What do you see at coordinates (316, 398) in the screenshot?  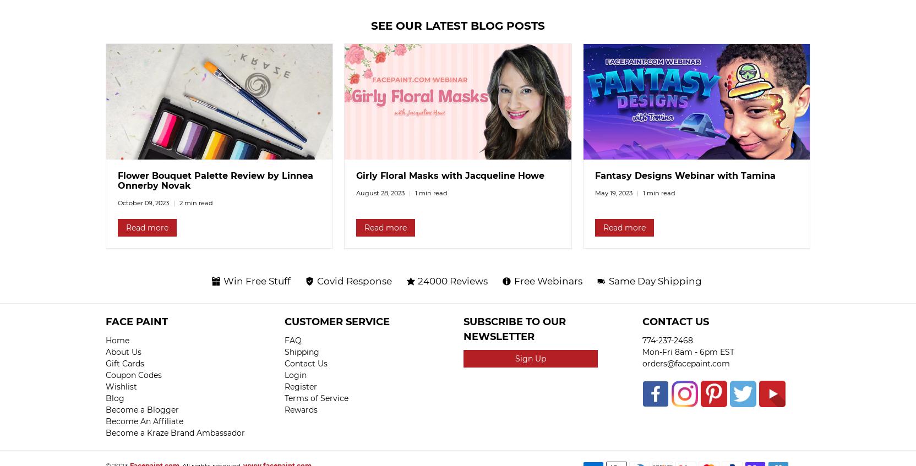 I see `'Terms of Service'` at bounding box center [316, 398].